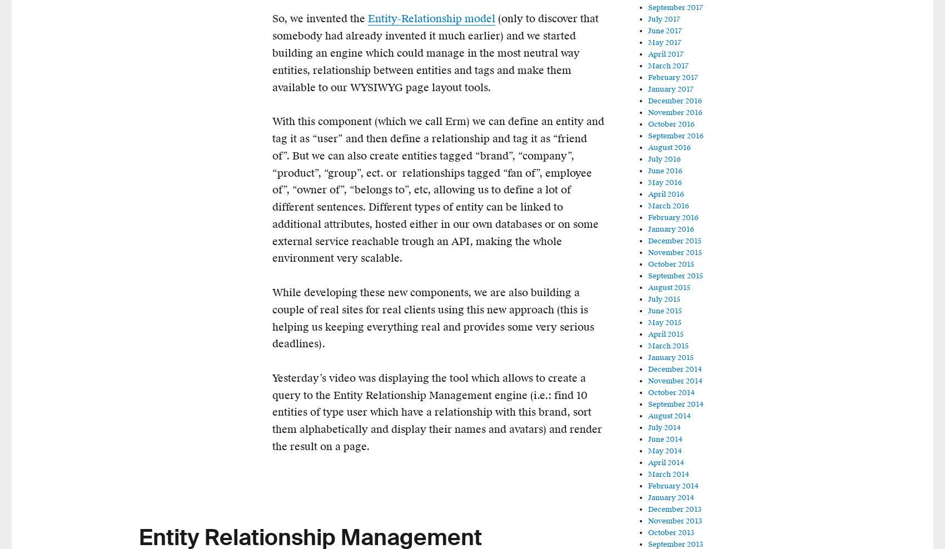 This screenshot has width=945, height=549. I want to click on 'May 2015', so click(664, 323).